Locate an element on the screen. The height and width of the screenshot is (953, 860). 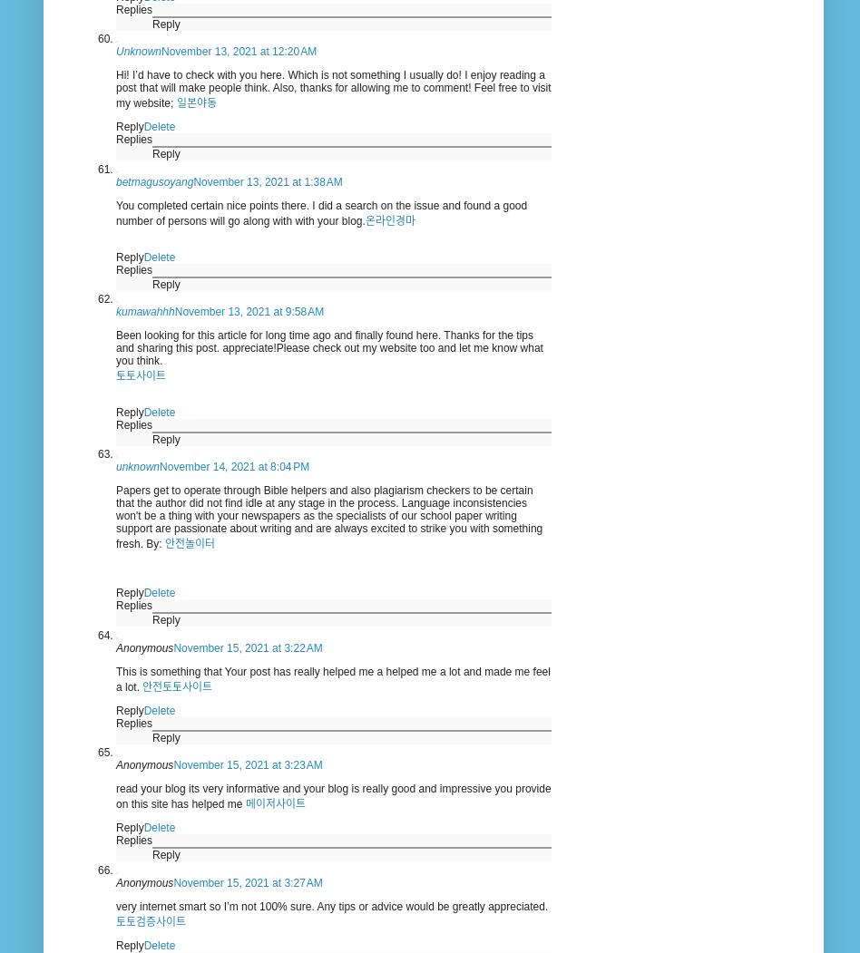
'November 15, 2021 at 3:27 AM' is located at coordinates (248, 882).